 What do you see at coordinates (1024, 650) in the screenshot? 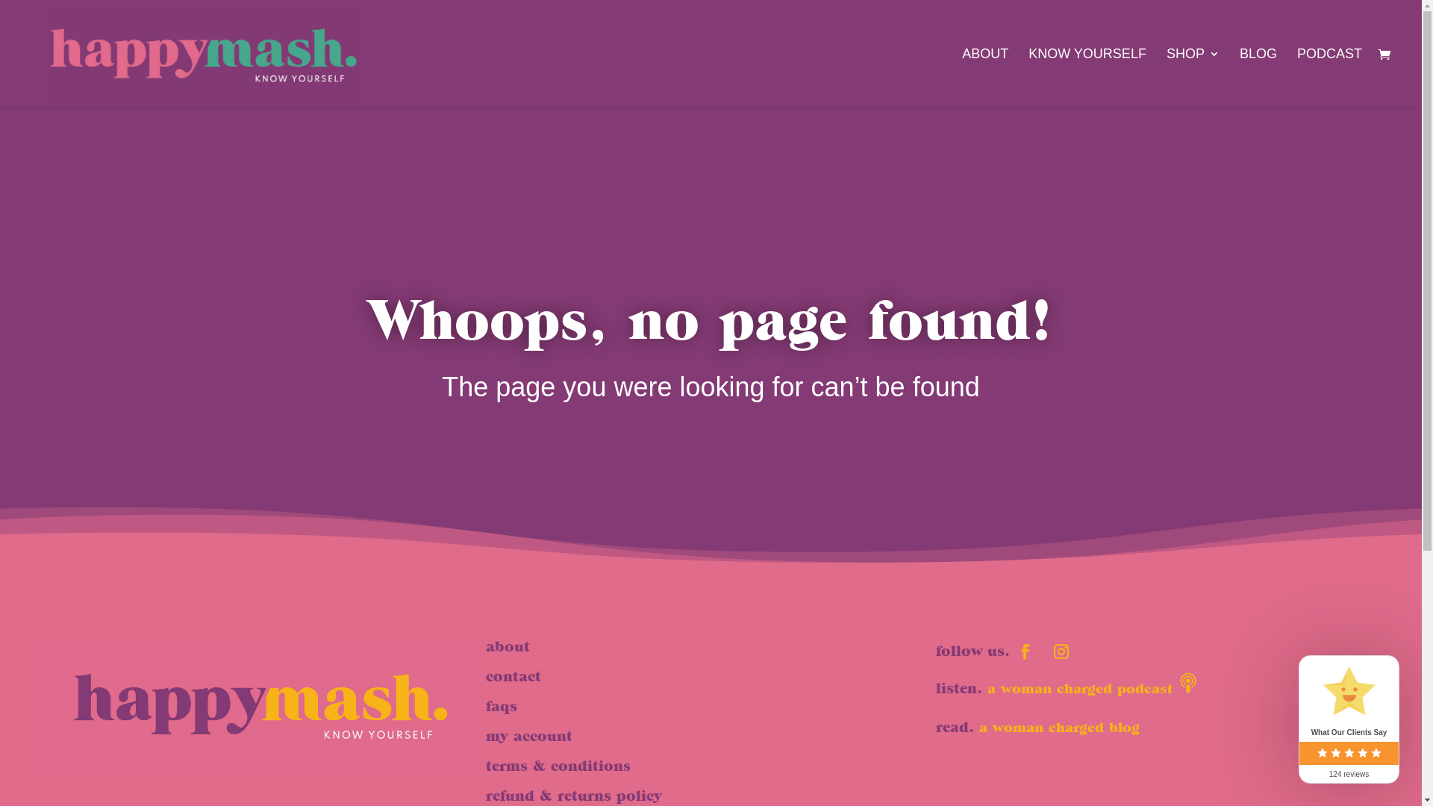
I see `'Follow on Facebook'` at bounding box center [1024, 650].